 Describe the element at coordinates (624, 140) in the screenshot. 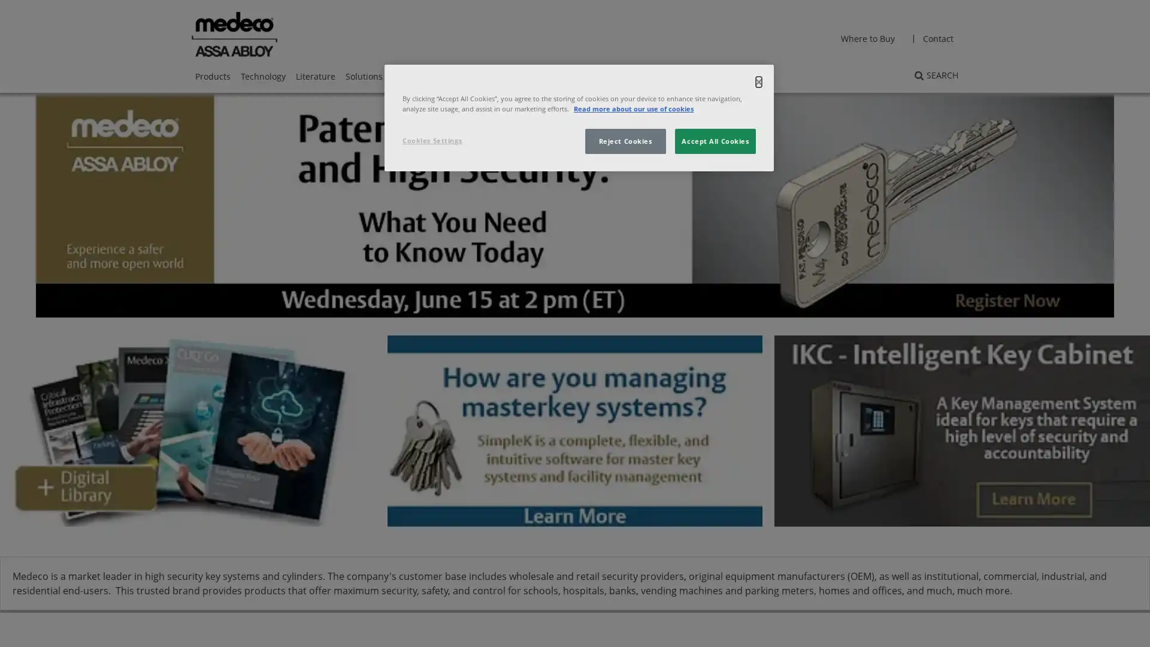

I see `Reject Cookies` at that location.